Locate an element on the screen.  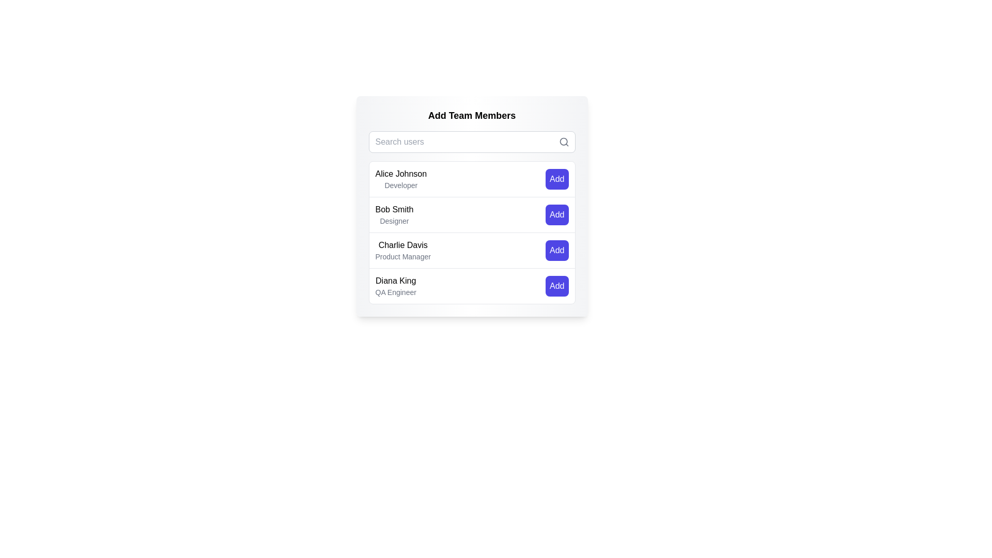
the text label displaying 'Developer' which is located below the name 'Alice Johnson' in the first row of team members is located at coordinates (400, 184).